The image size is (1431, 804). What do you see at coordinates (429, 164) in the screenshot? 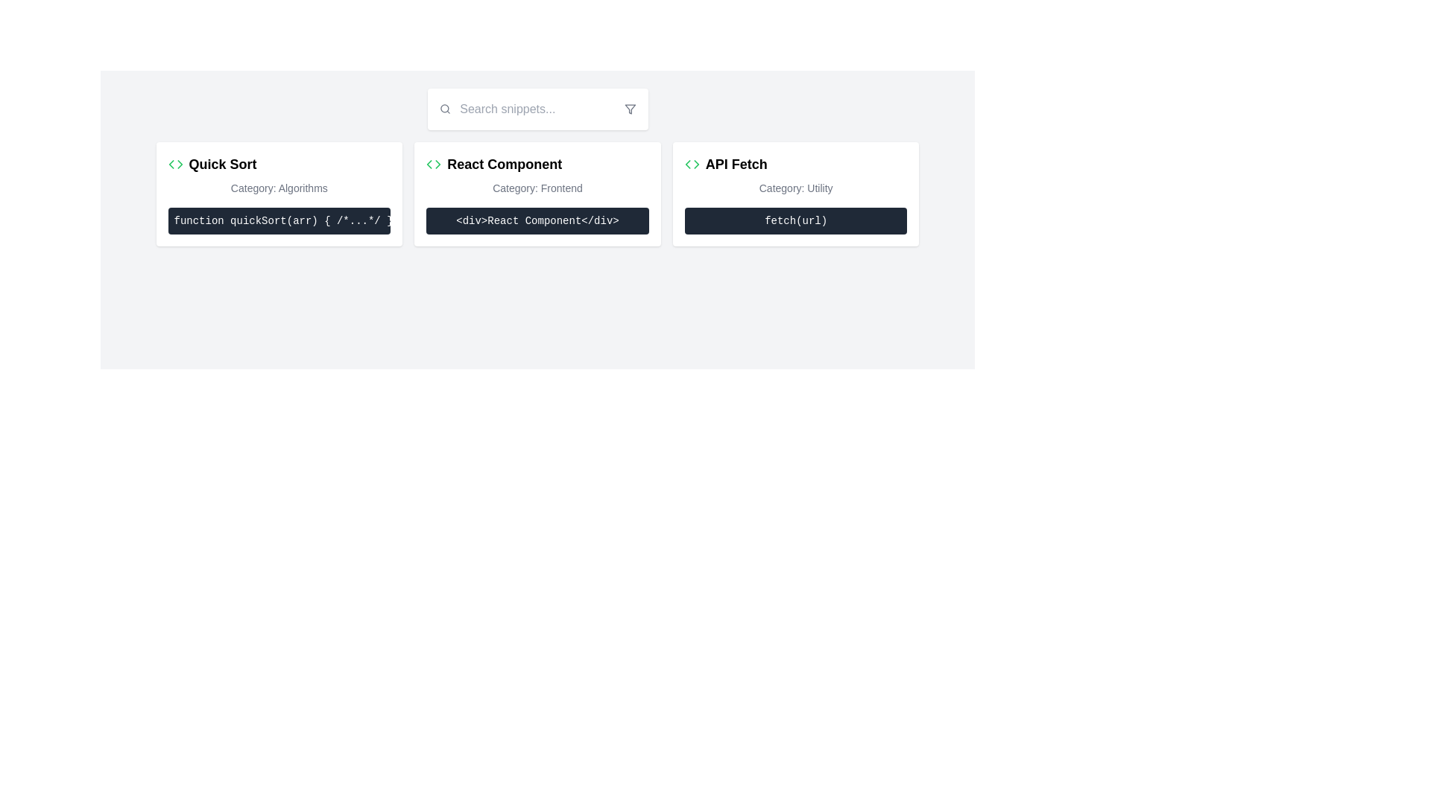
I see `the green left-pointing chevron SVG graphic element that visualizes a code snippet, positioned at the top-left side of the 'Quick Sort' card` at bounding box center [429, 164].